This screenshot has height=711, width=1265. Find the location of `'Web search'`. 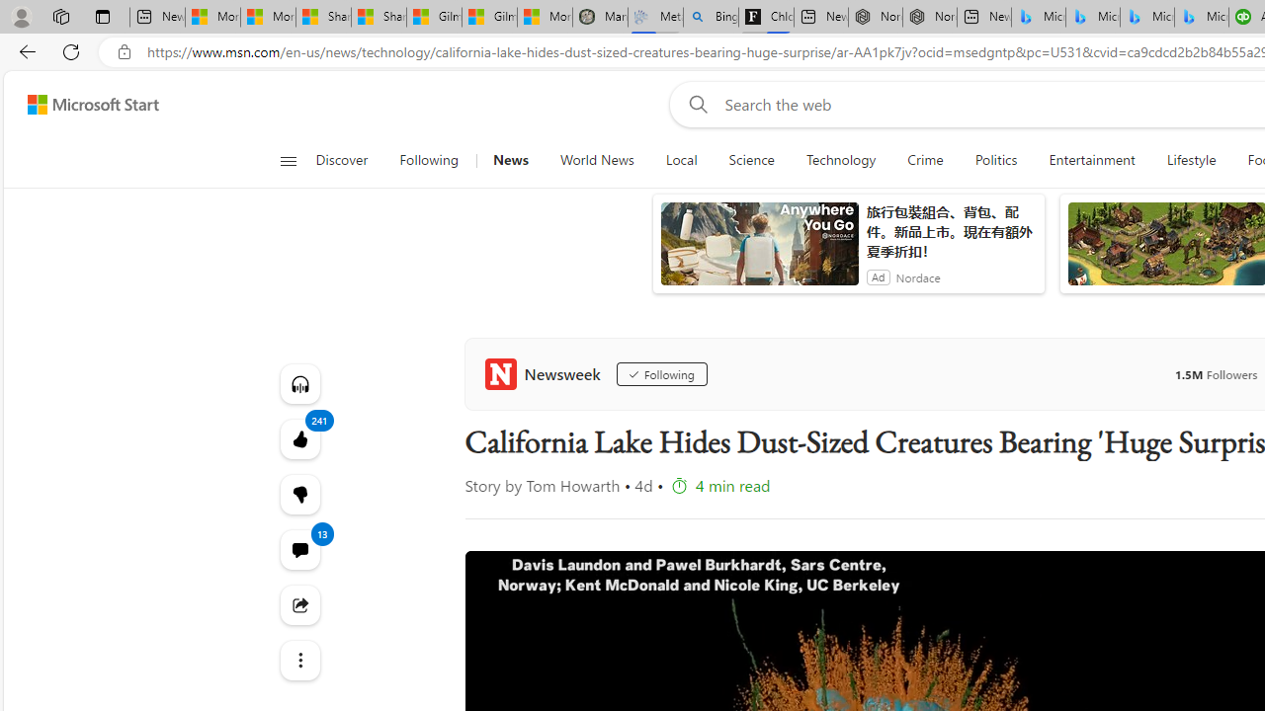

'Web search' is located at coordinates (694, 104).